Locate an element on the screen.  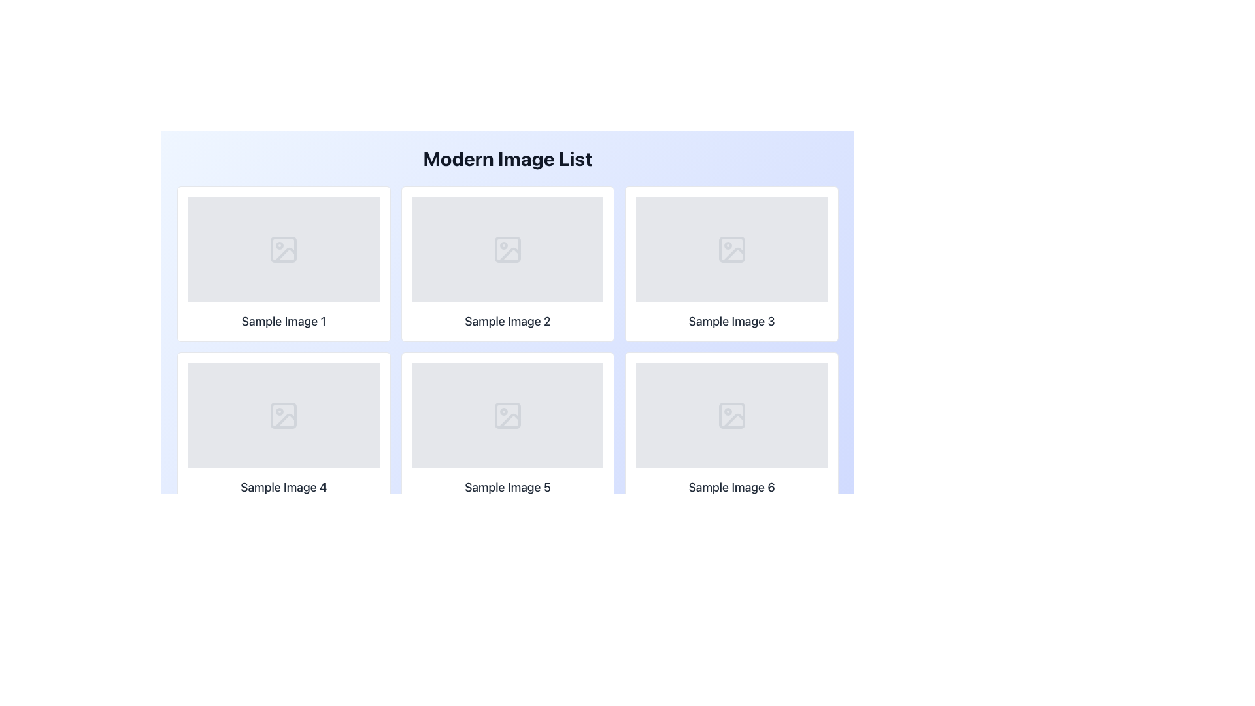
the Rectangle with rounded corners within the bottom-right image placeholder labeled 'Sample Image 6' is located at coordinates (731, 416).